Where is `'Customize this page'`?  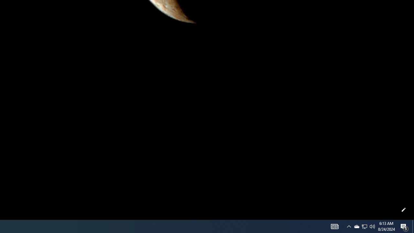
'Customize this page' is located at coordinates (403, 210).